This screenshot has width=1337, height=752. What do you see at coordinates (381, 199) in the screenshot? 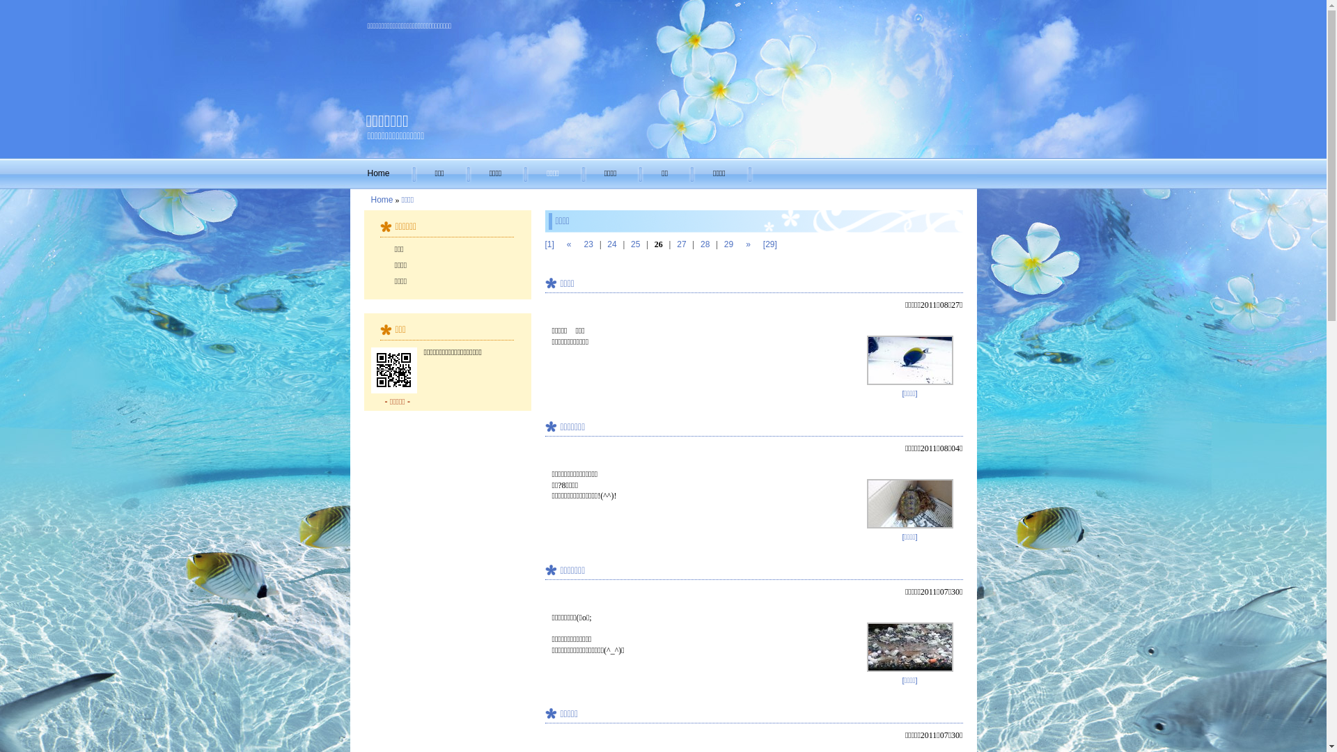
I see `'Home'` at bounding box center [381, 199].